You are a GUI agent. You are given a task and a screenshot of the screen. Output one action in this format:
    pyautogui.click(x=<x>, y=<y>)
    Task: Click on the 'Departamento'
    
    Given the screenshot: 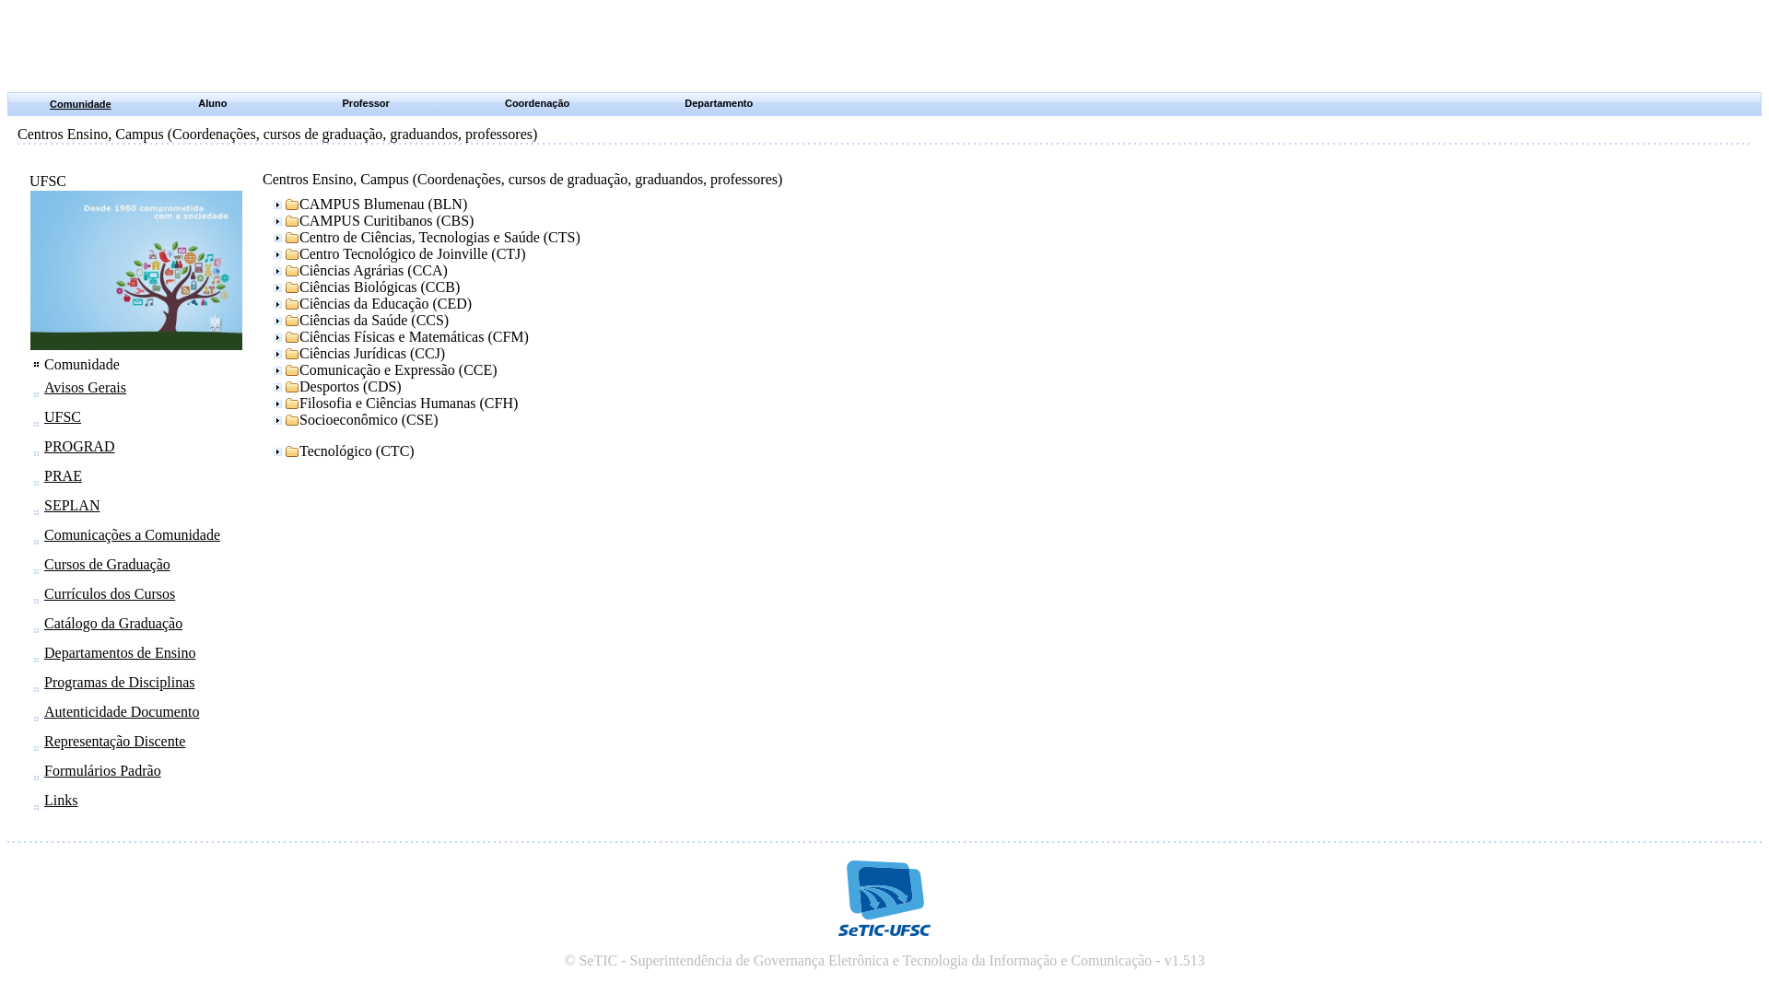 What is the action you would take?
    pyautogui.click(x=684, y=102)
    